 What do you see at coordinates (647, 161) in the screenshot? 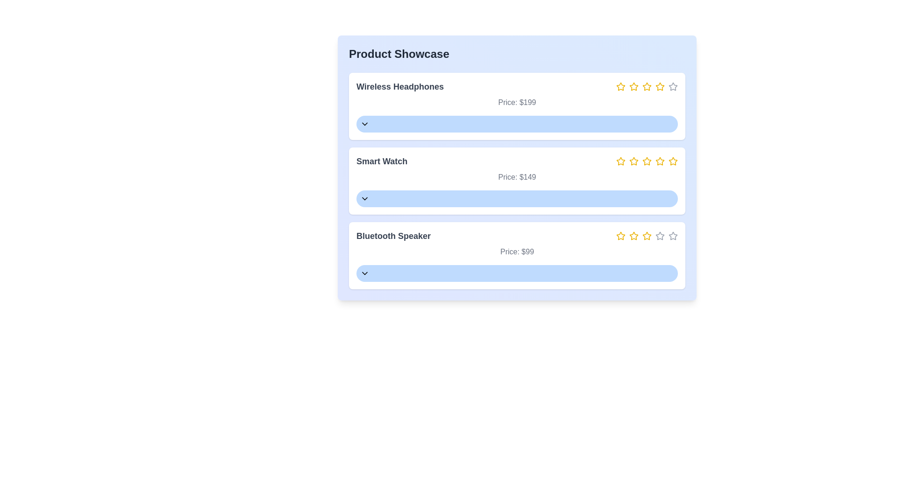
I see `the third star icon in the rating system located in the right section of the 'Smart Watch' card to indicate a rating` at bounding box center [647, 161].